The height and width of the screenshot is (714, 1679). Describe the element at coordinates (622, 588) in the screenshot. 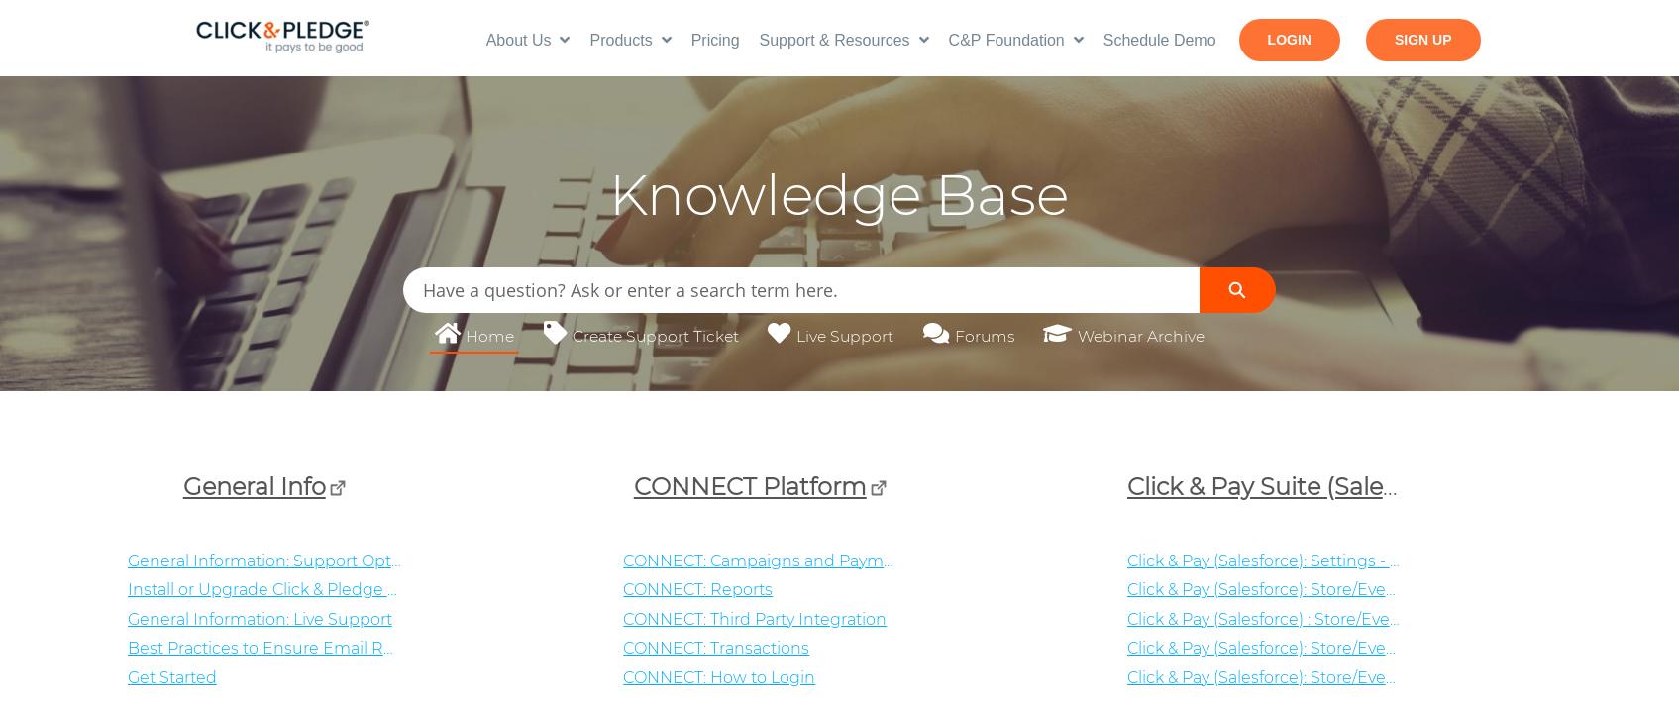

I see `'CONNECT: Reports'` at that location.